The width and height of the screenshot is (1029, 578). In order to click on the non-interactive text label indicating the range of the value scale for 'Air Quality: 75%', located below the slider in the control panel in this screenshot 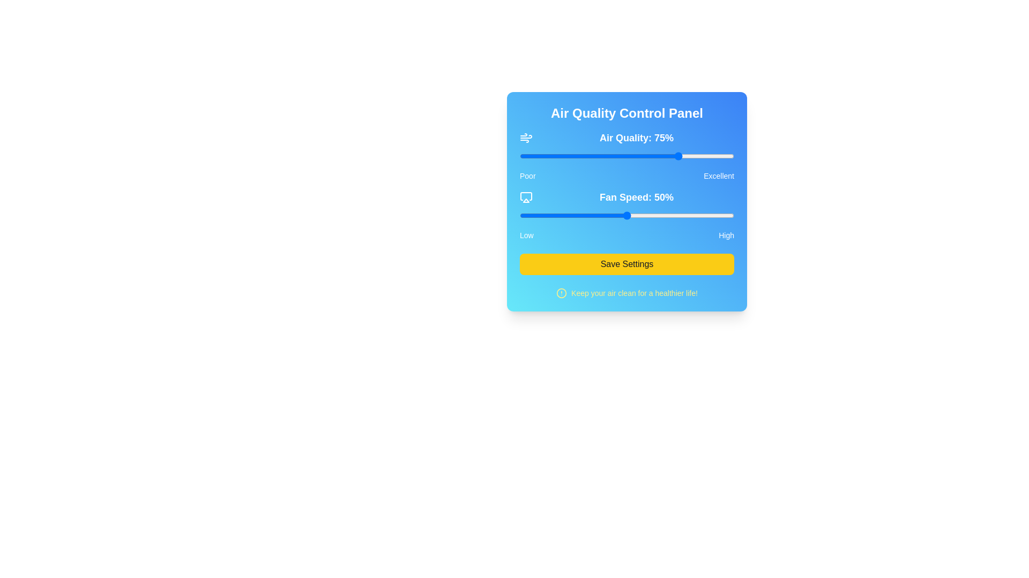, I will do `click(627, 175)`.